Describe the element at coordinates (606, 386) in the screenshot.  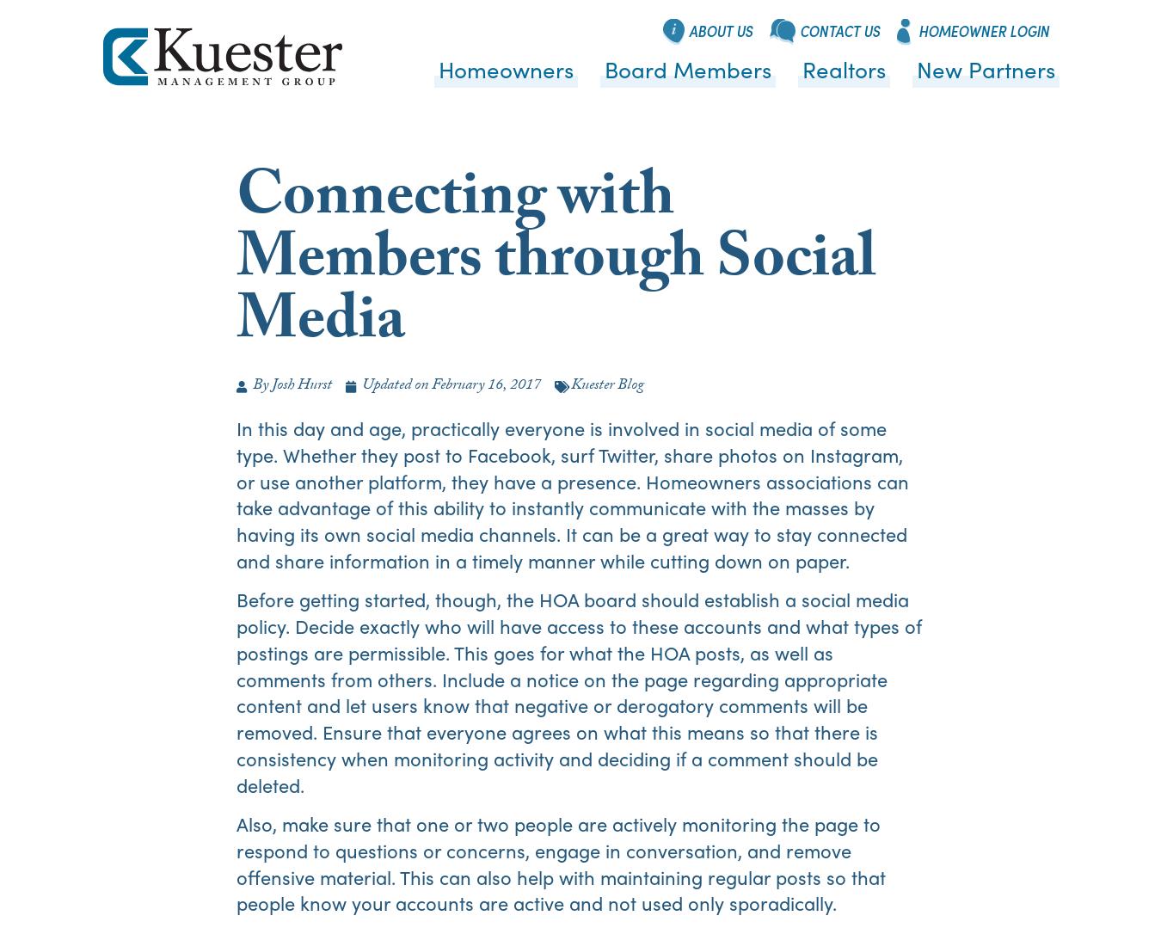
I see `'Kuester Blog'` at that location.